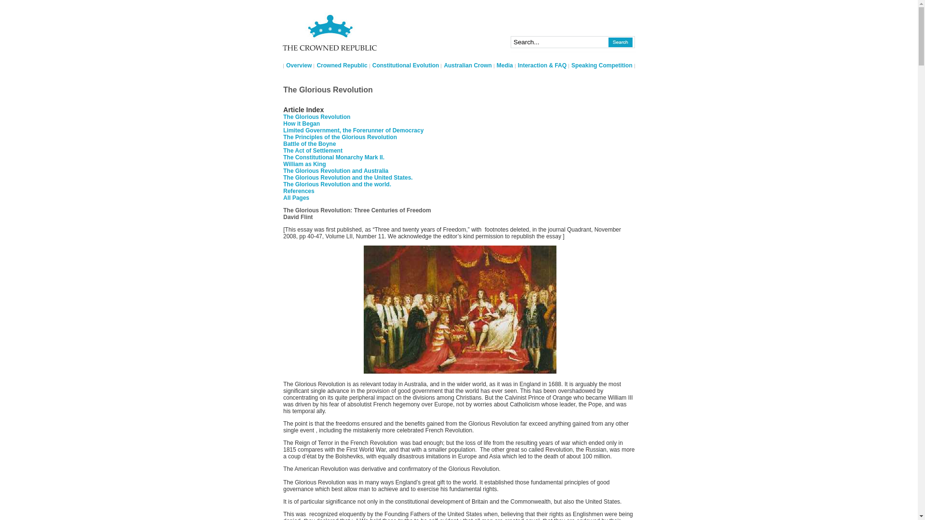  Describe the element at coordinates (313, 150) in the screenshot. I see `'The Act of Settlement'` at that location.